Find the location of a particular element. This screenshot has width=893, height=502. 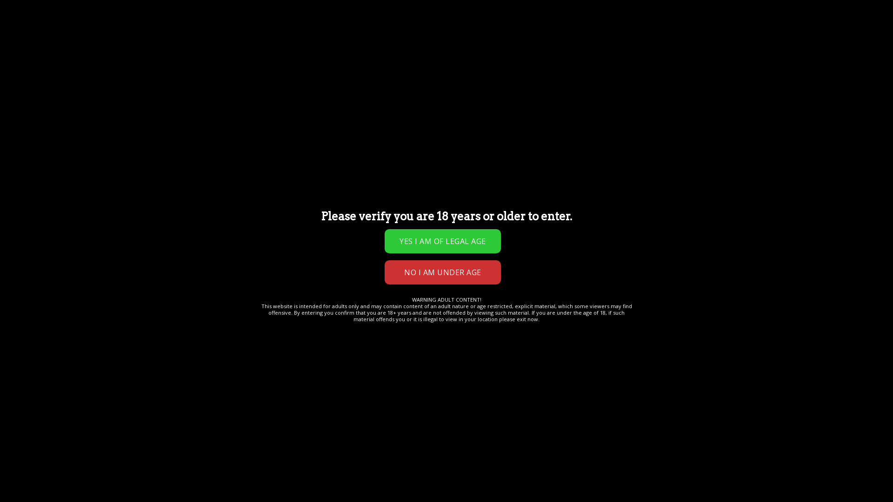

'WHOLESALE' is located at coordinates (339, 69).